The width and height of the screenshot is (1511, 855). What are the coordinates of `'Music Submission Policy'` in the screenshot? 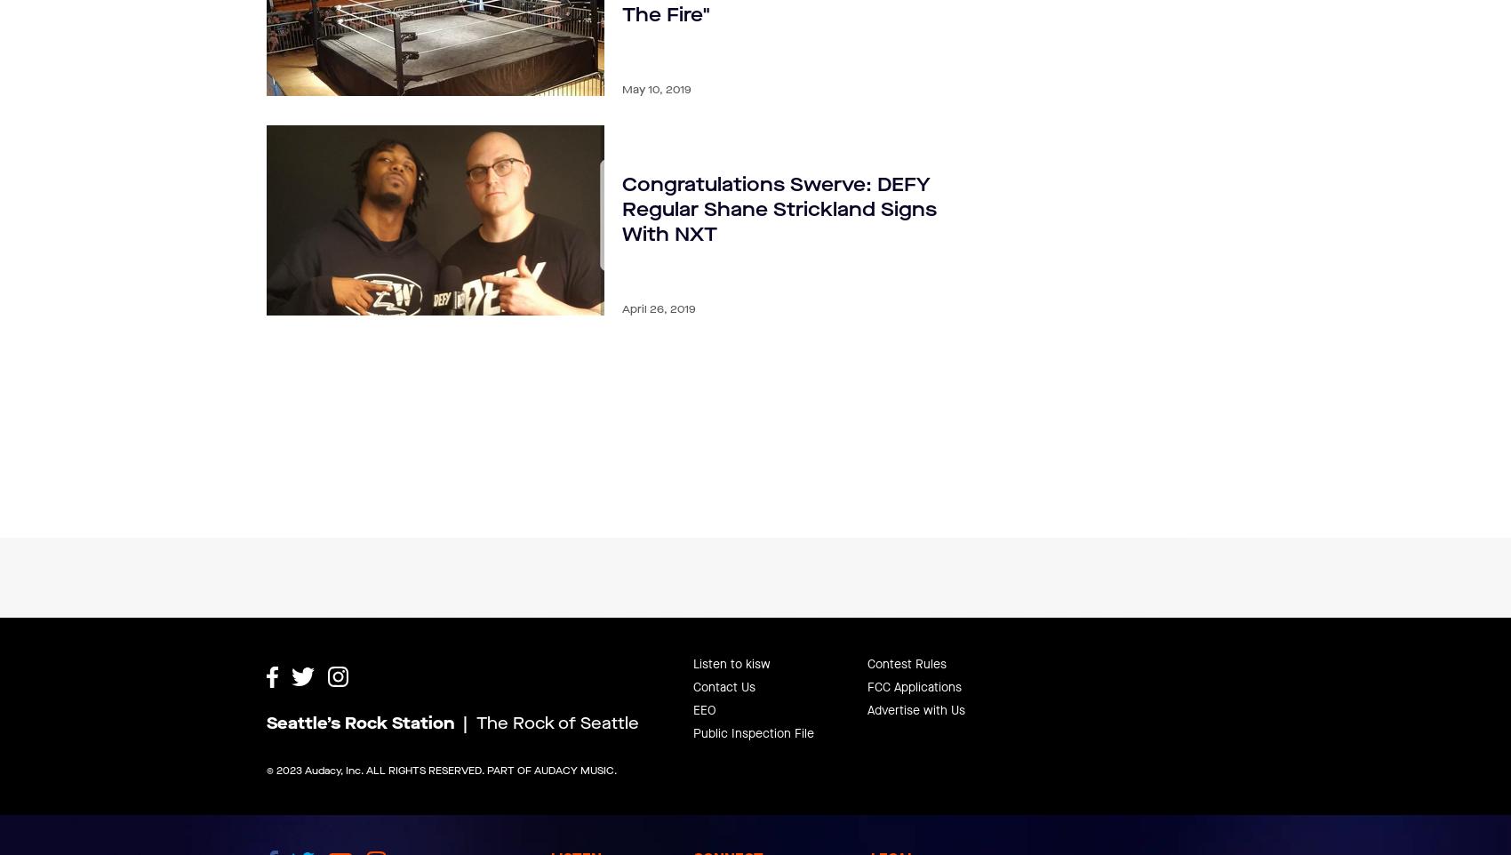 It's located at (1115, 833).